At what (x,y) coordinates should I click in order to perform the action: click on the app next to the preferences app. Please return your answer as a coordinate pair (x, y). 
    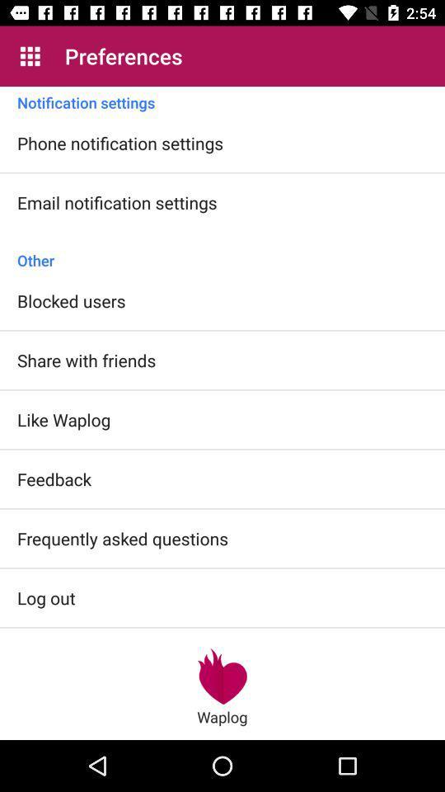
    Looking at the image, I should click on (30, 56).